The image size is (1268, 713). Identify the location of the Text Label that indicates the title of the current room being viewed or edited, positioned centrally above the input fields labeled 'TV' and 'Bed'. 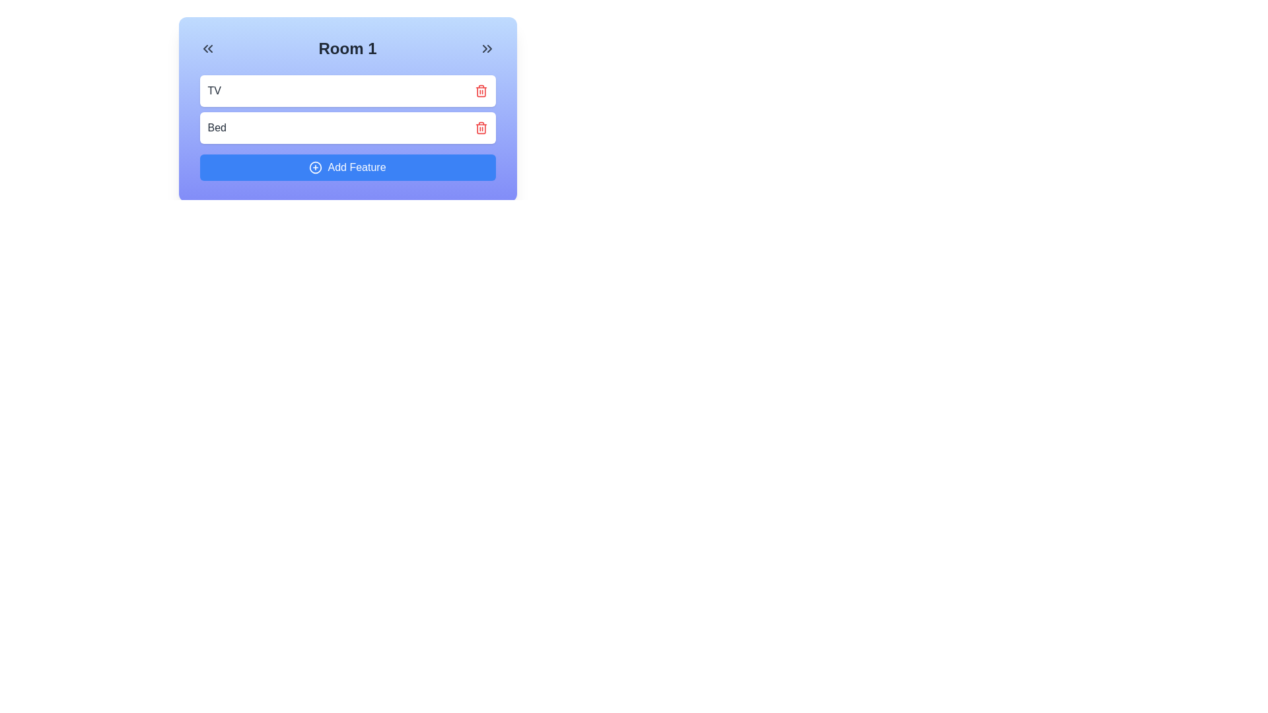
(347, 48).